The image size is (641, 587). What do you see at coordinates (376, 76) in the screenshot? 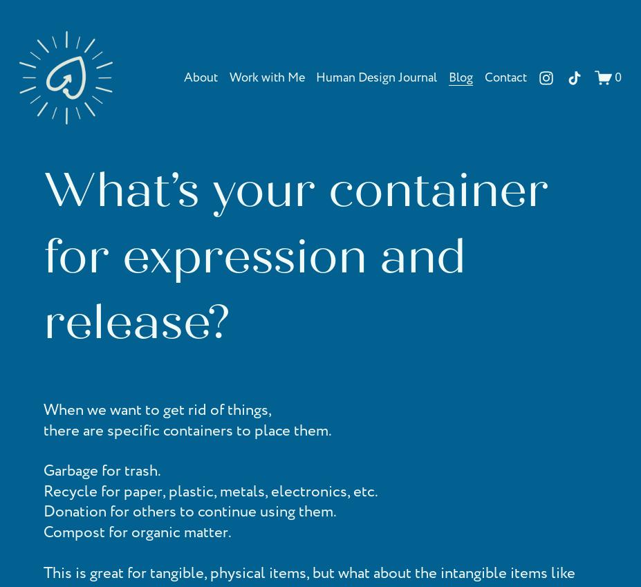
I see `'Human Design Journal'` at bounding box center [376, 76].